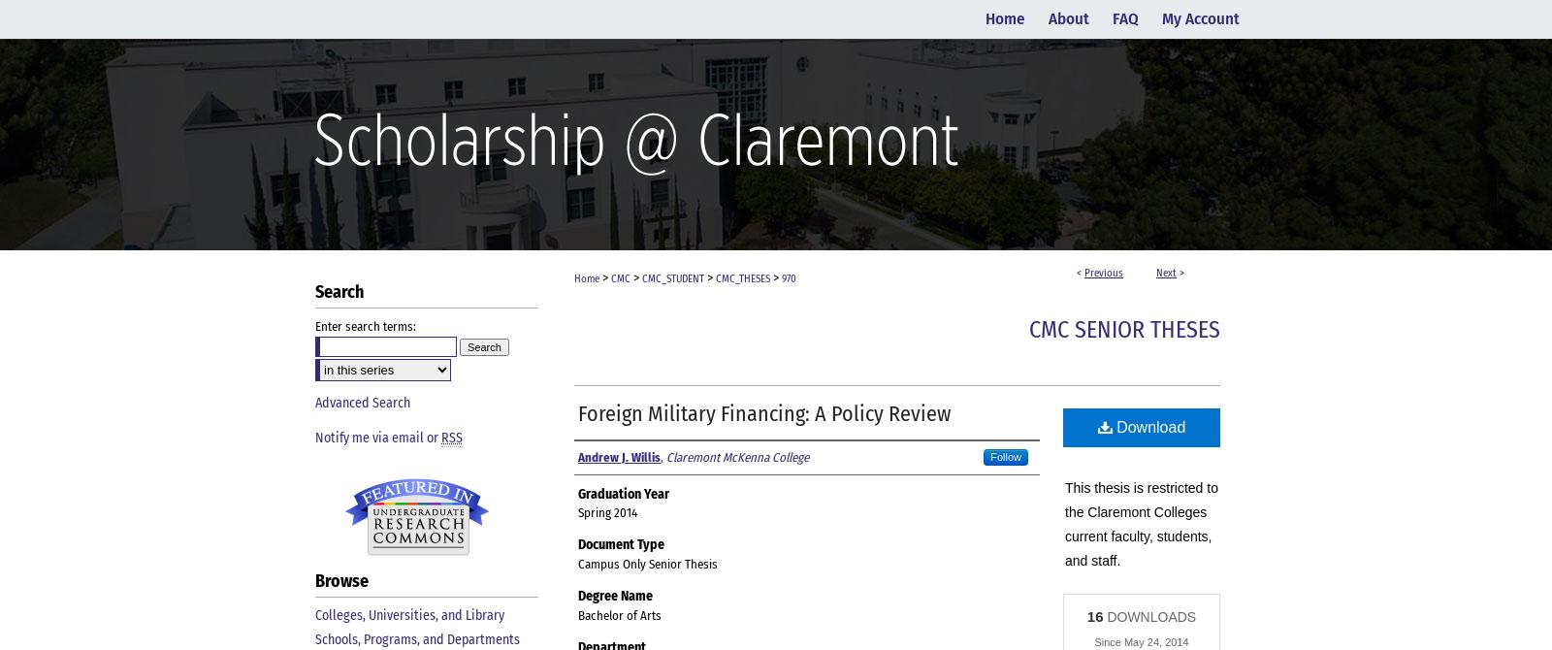  What do you see at coordinates (1094, 614) in the screenshot?
I see `'16'` at bounding box center [1094, 614].